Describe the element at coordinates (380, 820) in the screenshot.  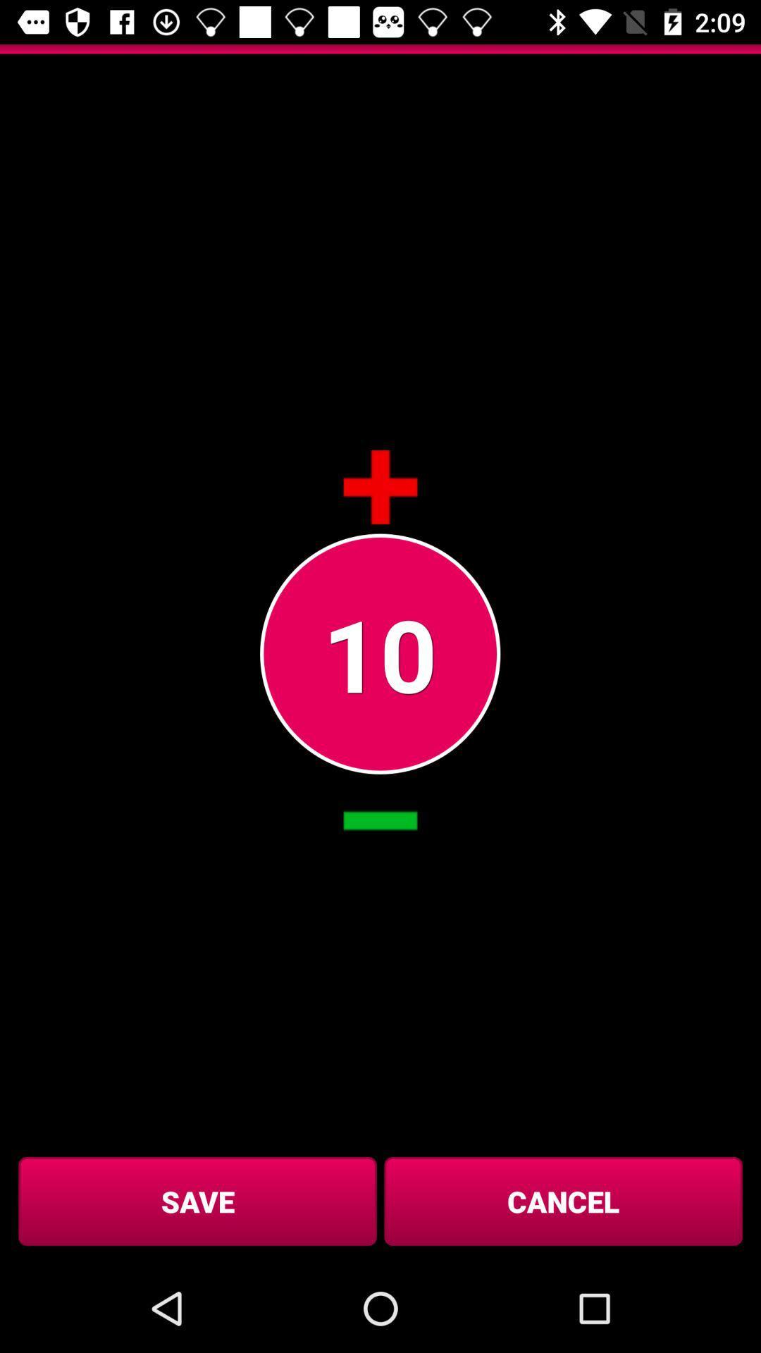
I see `the minus icon` at that location.